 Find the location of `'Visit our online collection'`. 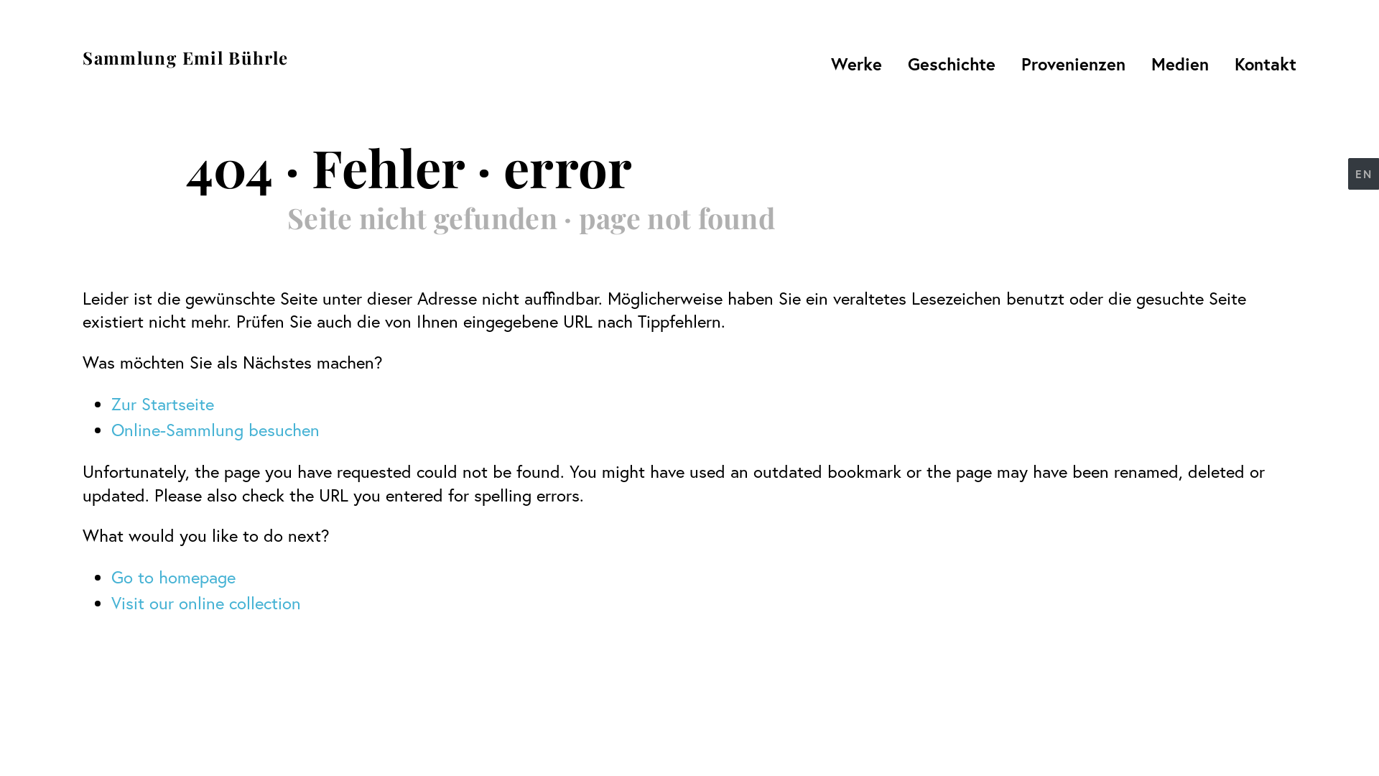

'Visit our online collection' is located at coordinates (205, 603).